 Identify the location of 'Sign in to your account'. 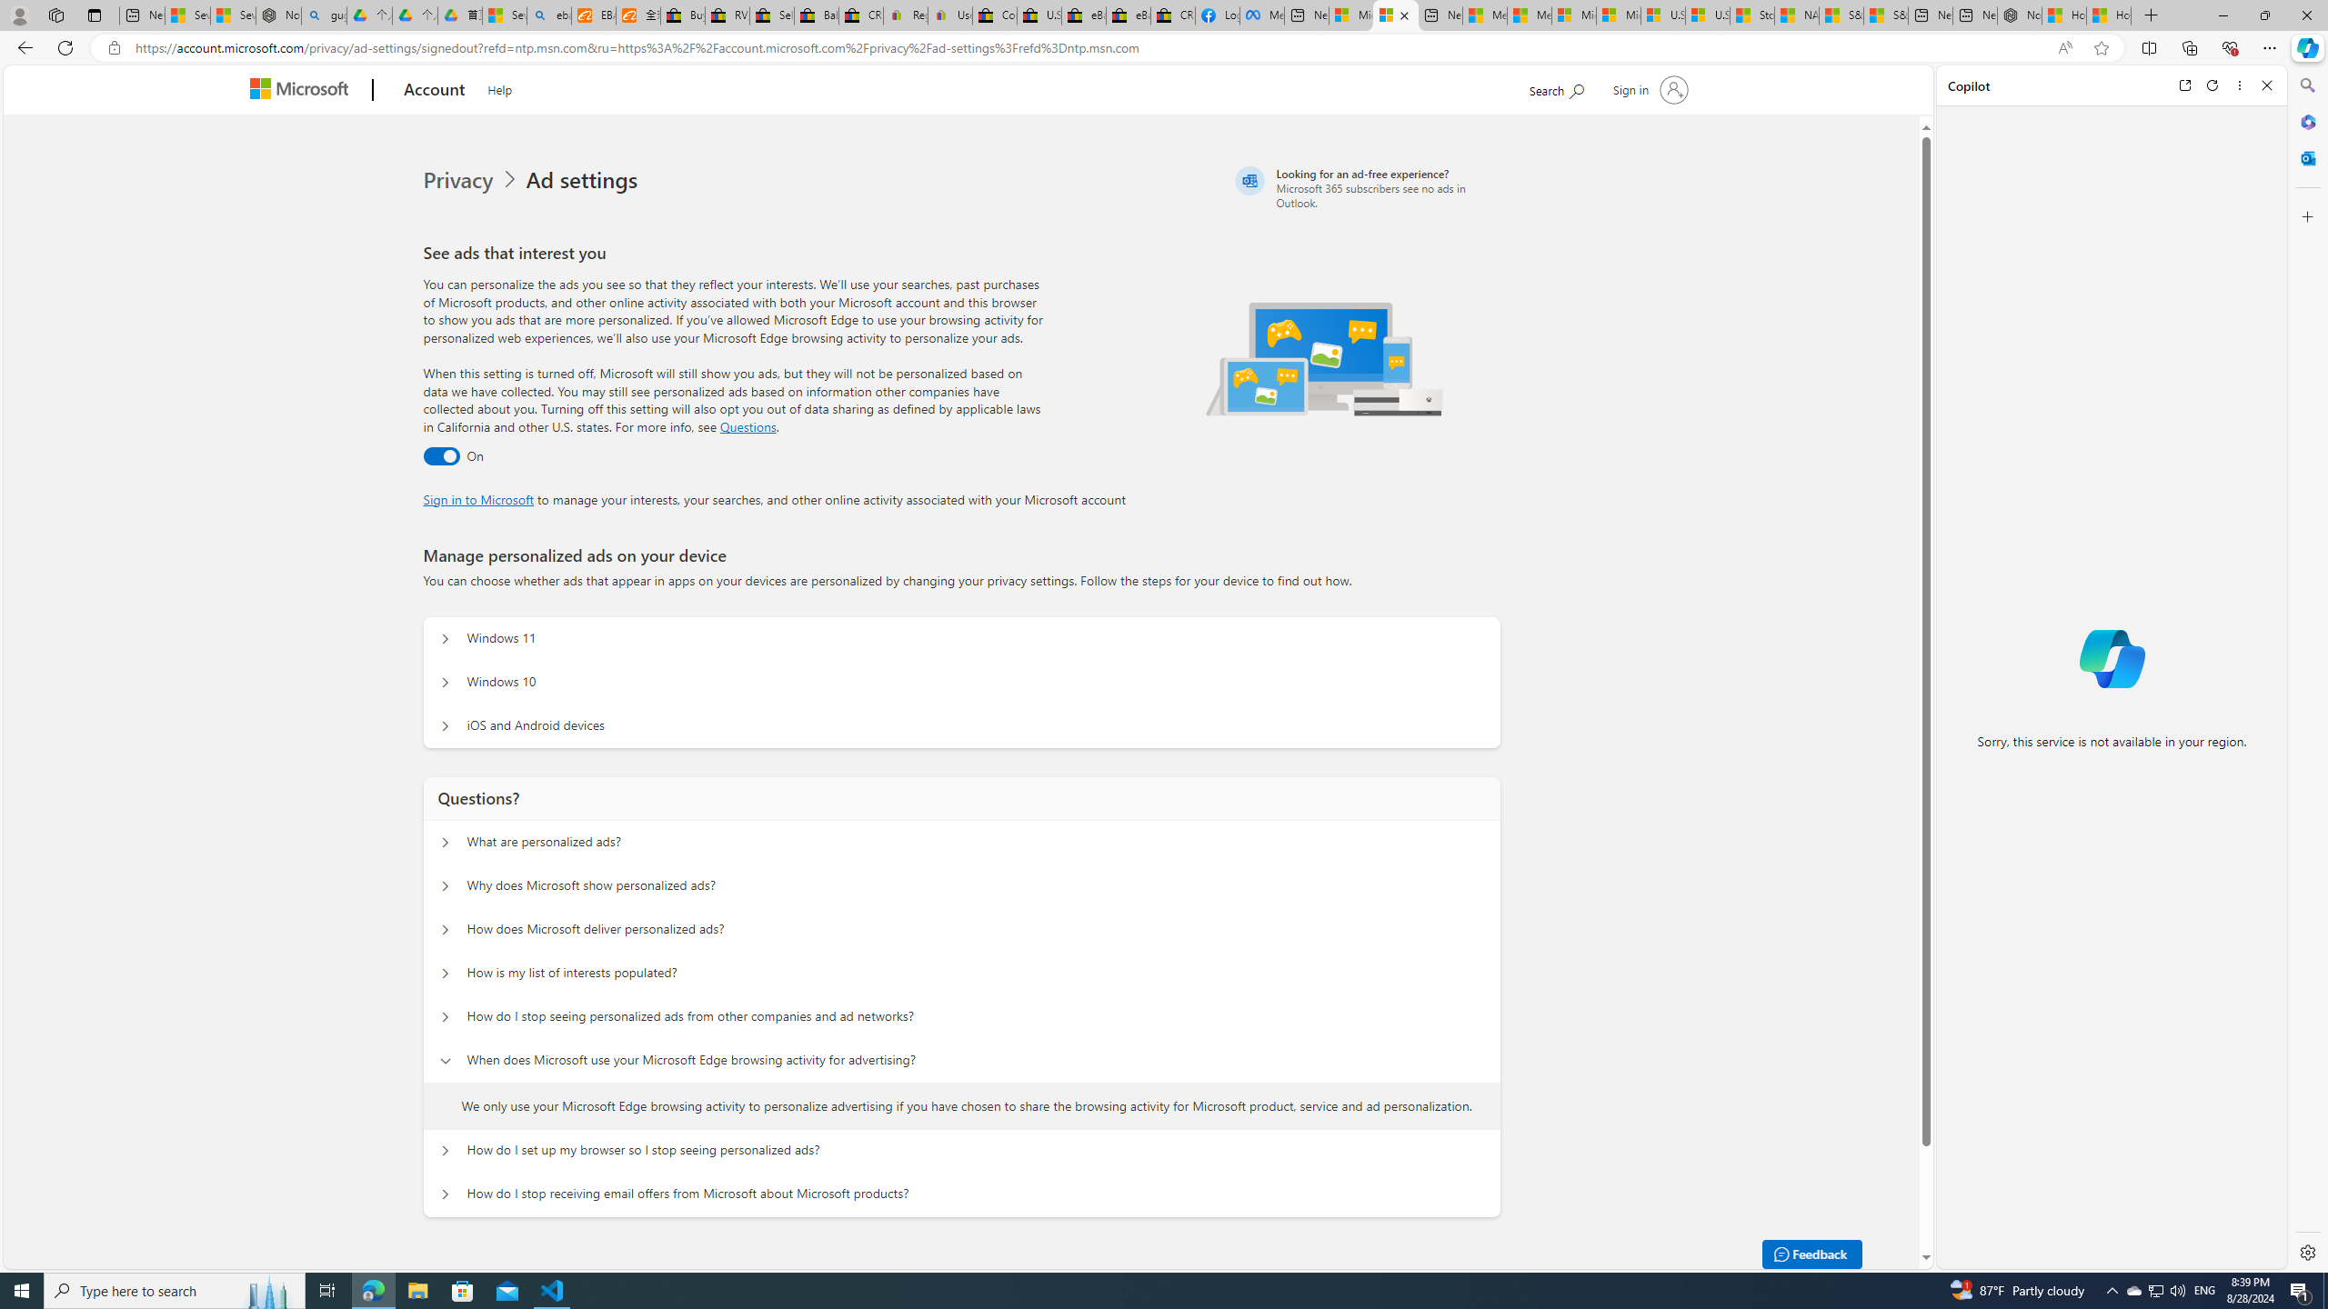
(1649, 88).